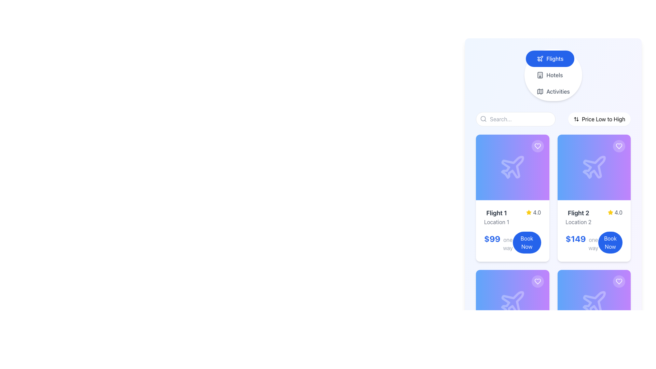 Image resolution: width=656 pixels, height=369 pixels. Describe the element at coordinates (603, 119) in the screenshot. I see `the text label on the right side of the page` at that location.